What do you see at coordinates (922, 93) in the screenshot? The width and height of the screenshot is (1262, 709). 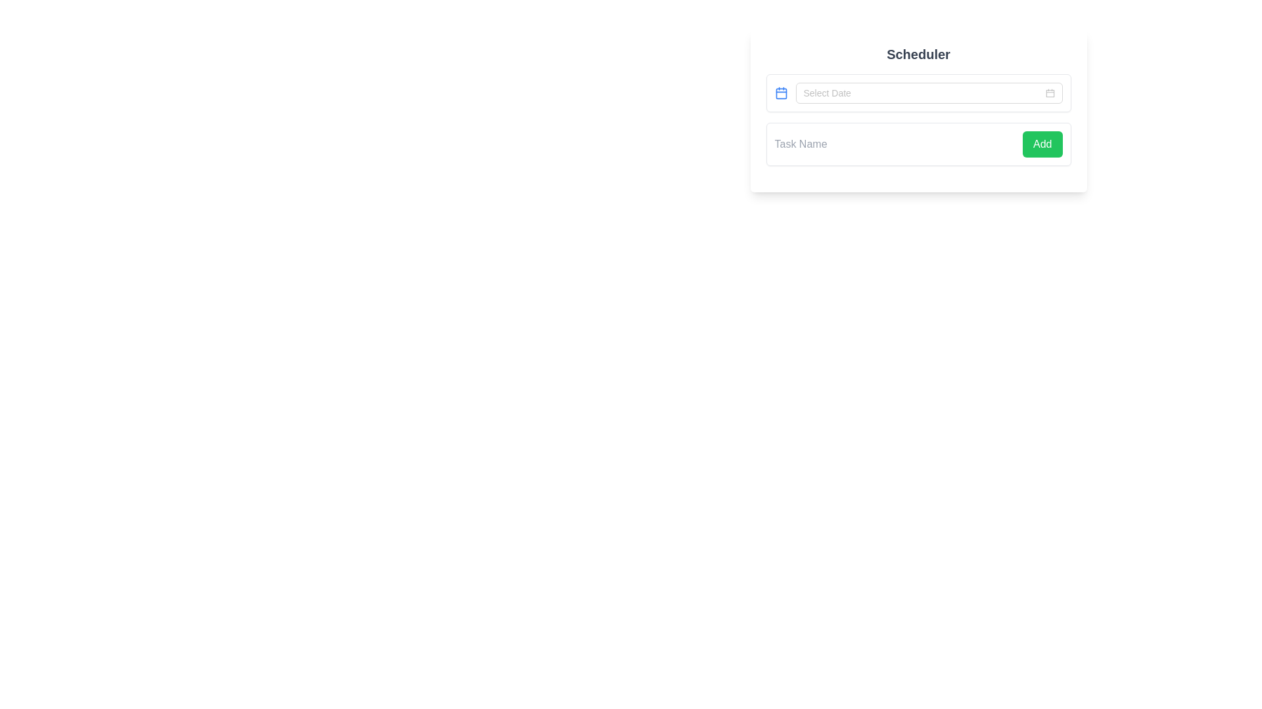 I see `the text input field for date entry, which is styled with a border and has a placeholder that reads 'Select Date', located in the Scheduler layout near the calendar icon` at bounding box center [922, 93].